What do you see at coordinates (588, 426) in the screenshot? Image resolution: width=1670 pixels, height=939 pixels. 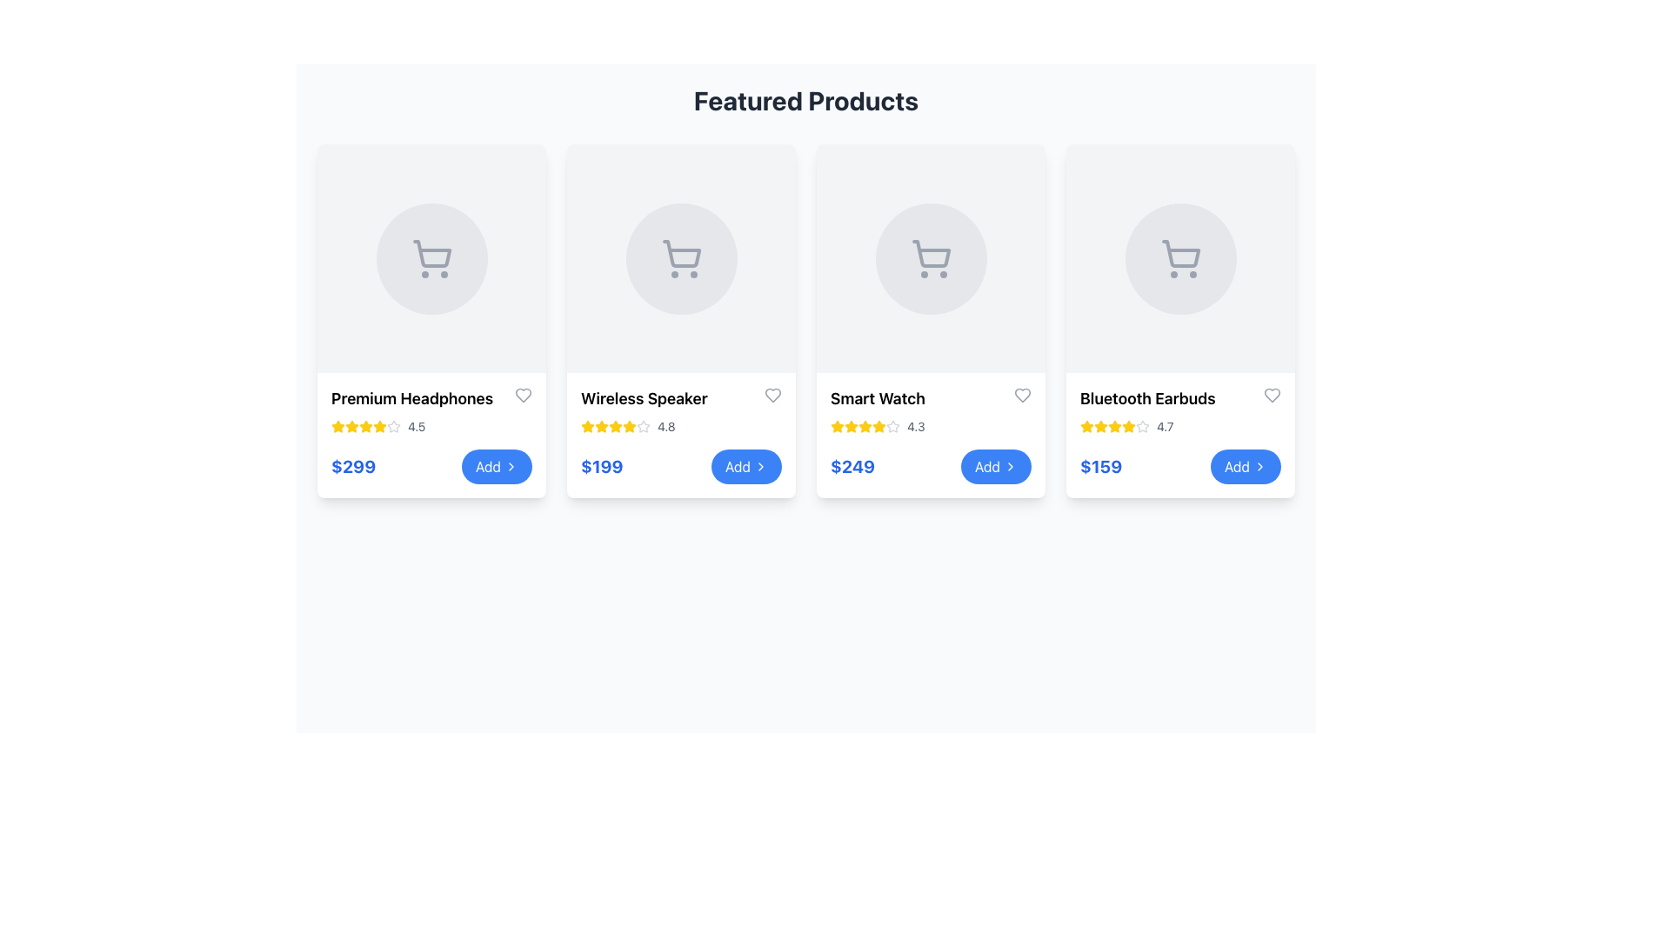 I see `the second star icon representing the customer rating for the 'Wireless Speaker' product` at bounding box center [588, 426].